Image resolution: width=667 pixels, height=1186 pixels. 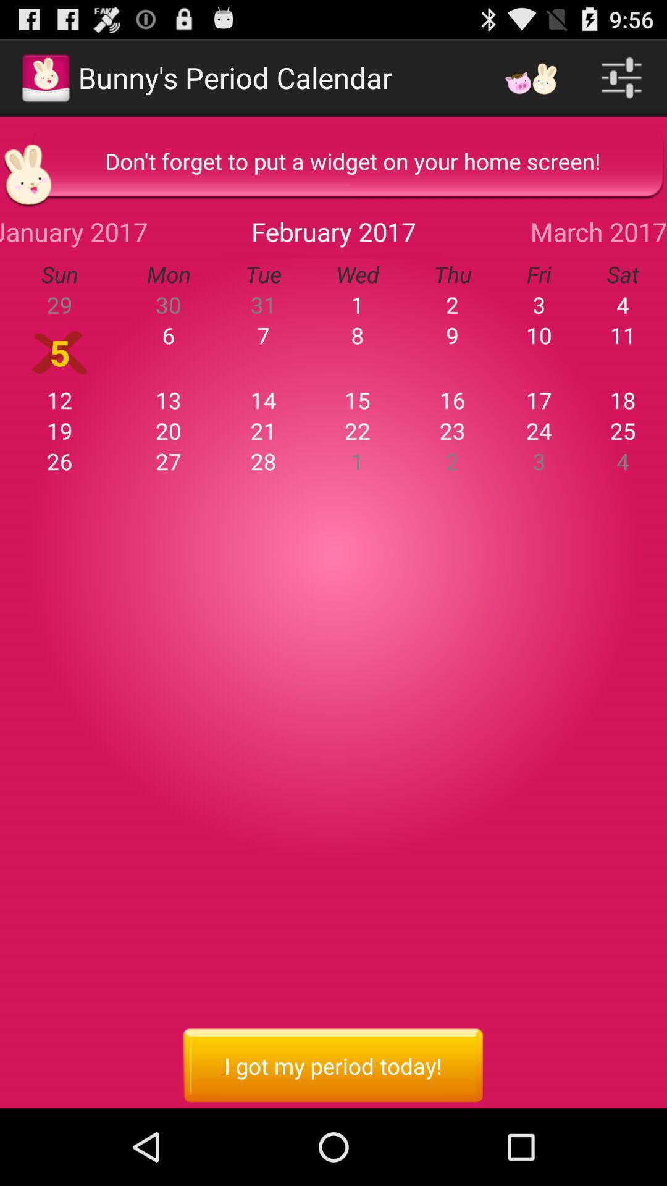 What do you see at coordinates (538, 274) in the screenshot?
I see `the fri item` at bounding box center [538, 274].